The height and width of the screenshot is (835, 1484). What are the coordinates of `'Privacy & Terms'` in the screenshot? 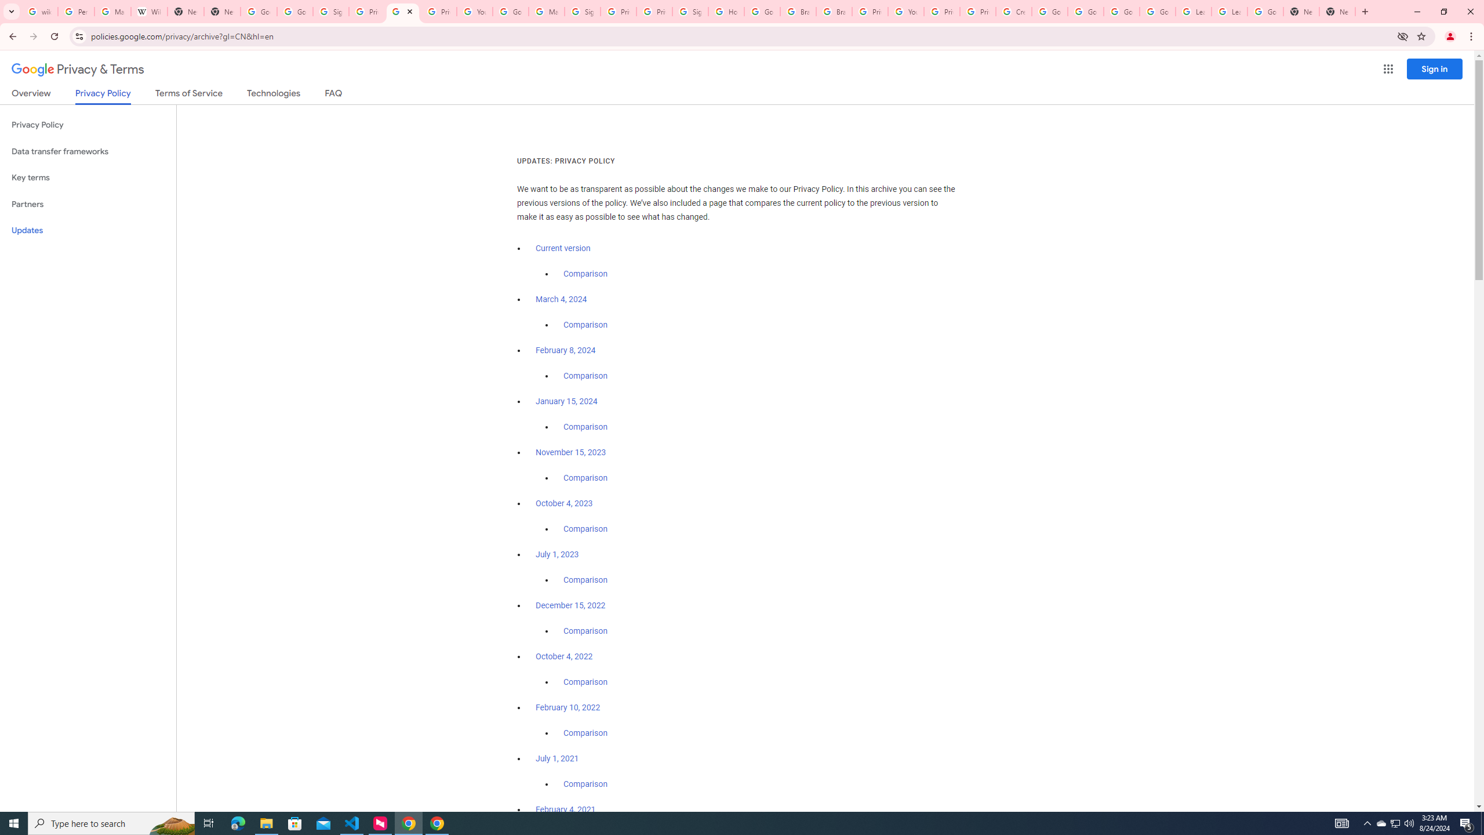 It's located at (78, 69).